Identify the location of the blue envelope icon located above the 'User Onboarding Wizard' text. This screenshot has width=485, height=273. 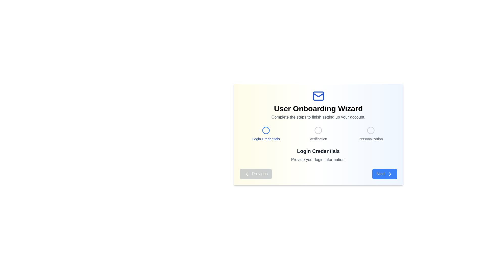
(318, 96).